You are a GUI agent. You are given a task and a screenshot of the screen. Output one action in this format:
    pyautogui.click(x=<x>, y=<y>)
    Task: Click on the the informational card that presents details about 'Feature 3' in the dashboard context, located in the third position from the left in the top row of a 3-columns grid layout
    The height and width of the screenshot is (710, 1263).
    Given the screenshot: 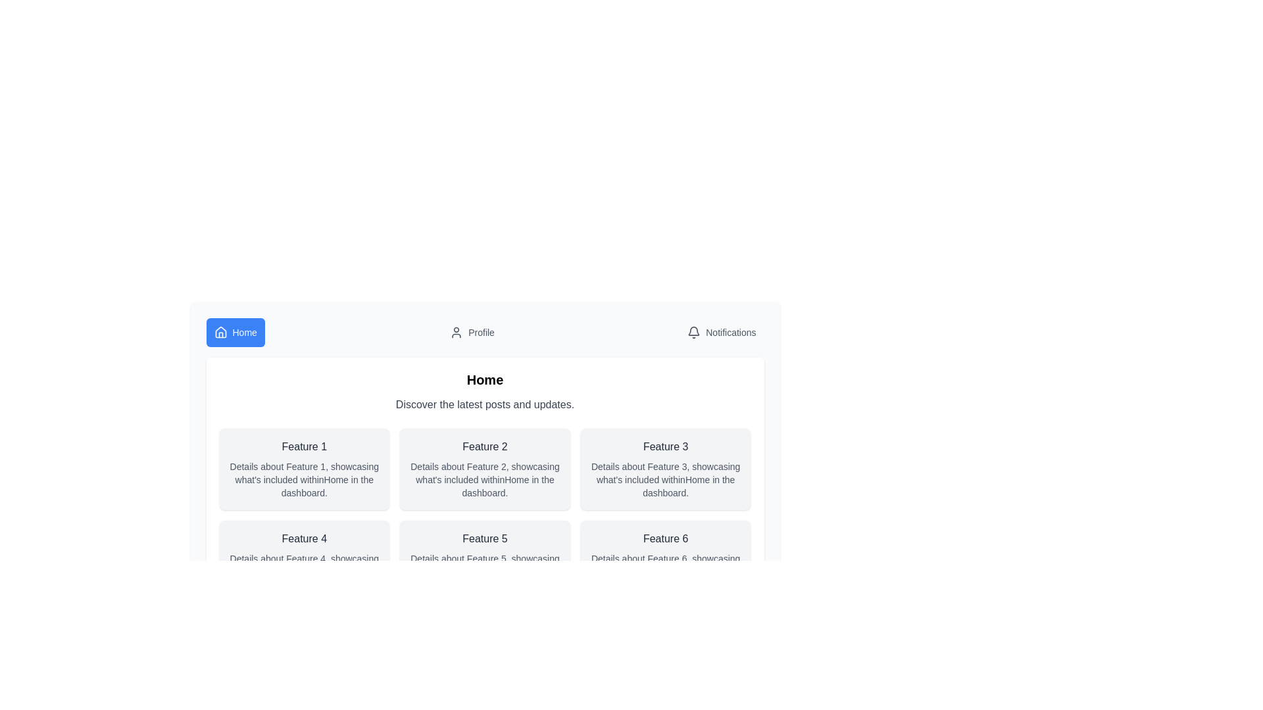 What is the action you would take?
    pyautogui.click(x=666, y=468)
    